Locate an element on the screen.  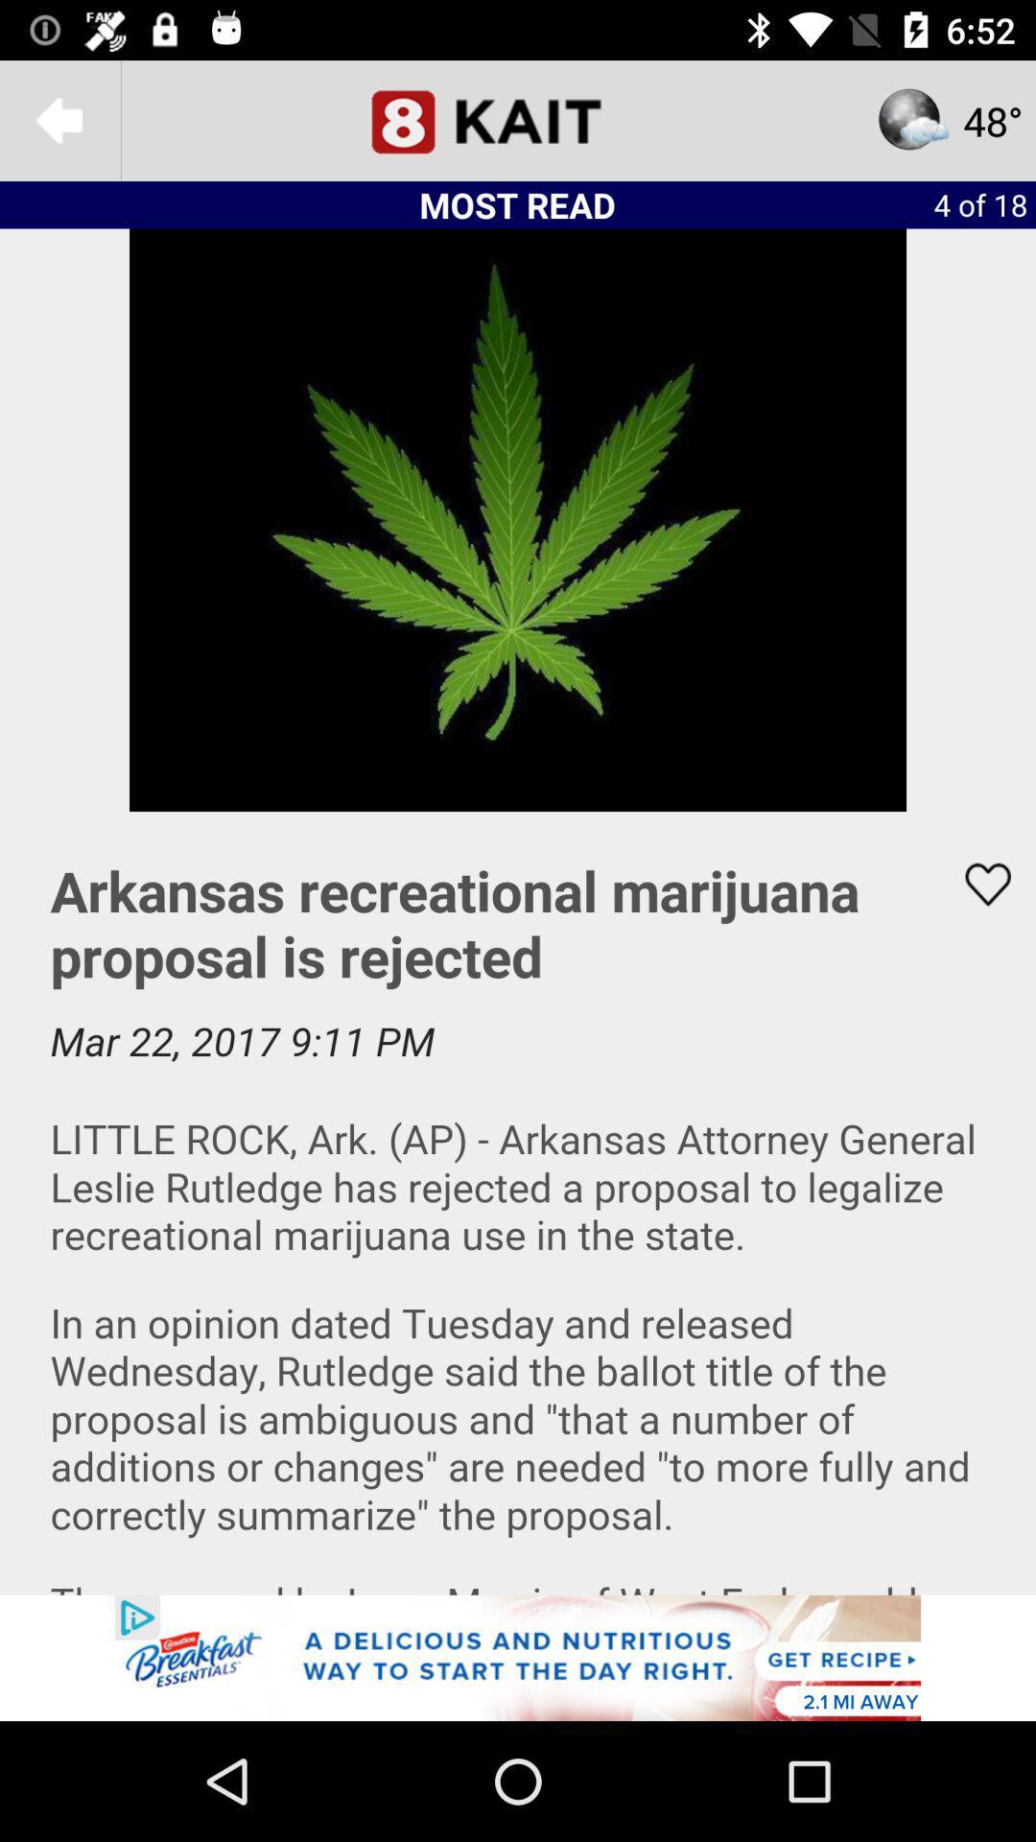
the arrow_backward icon is located at coordinates (59, 119).